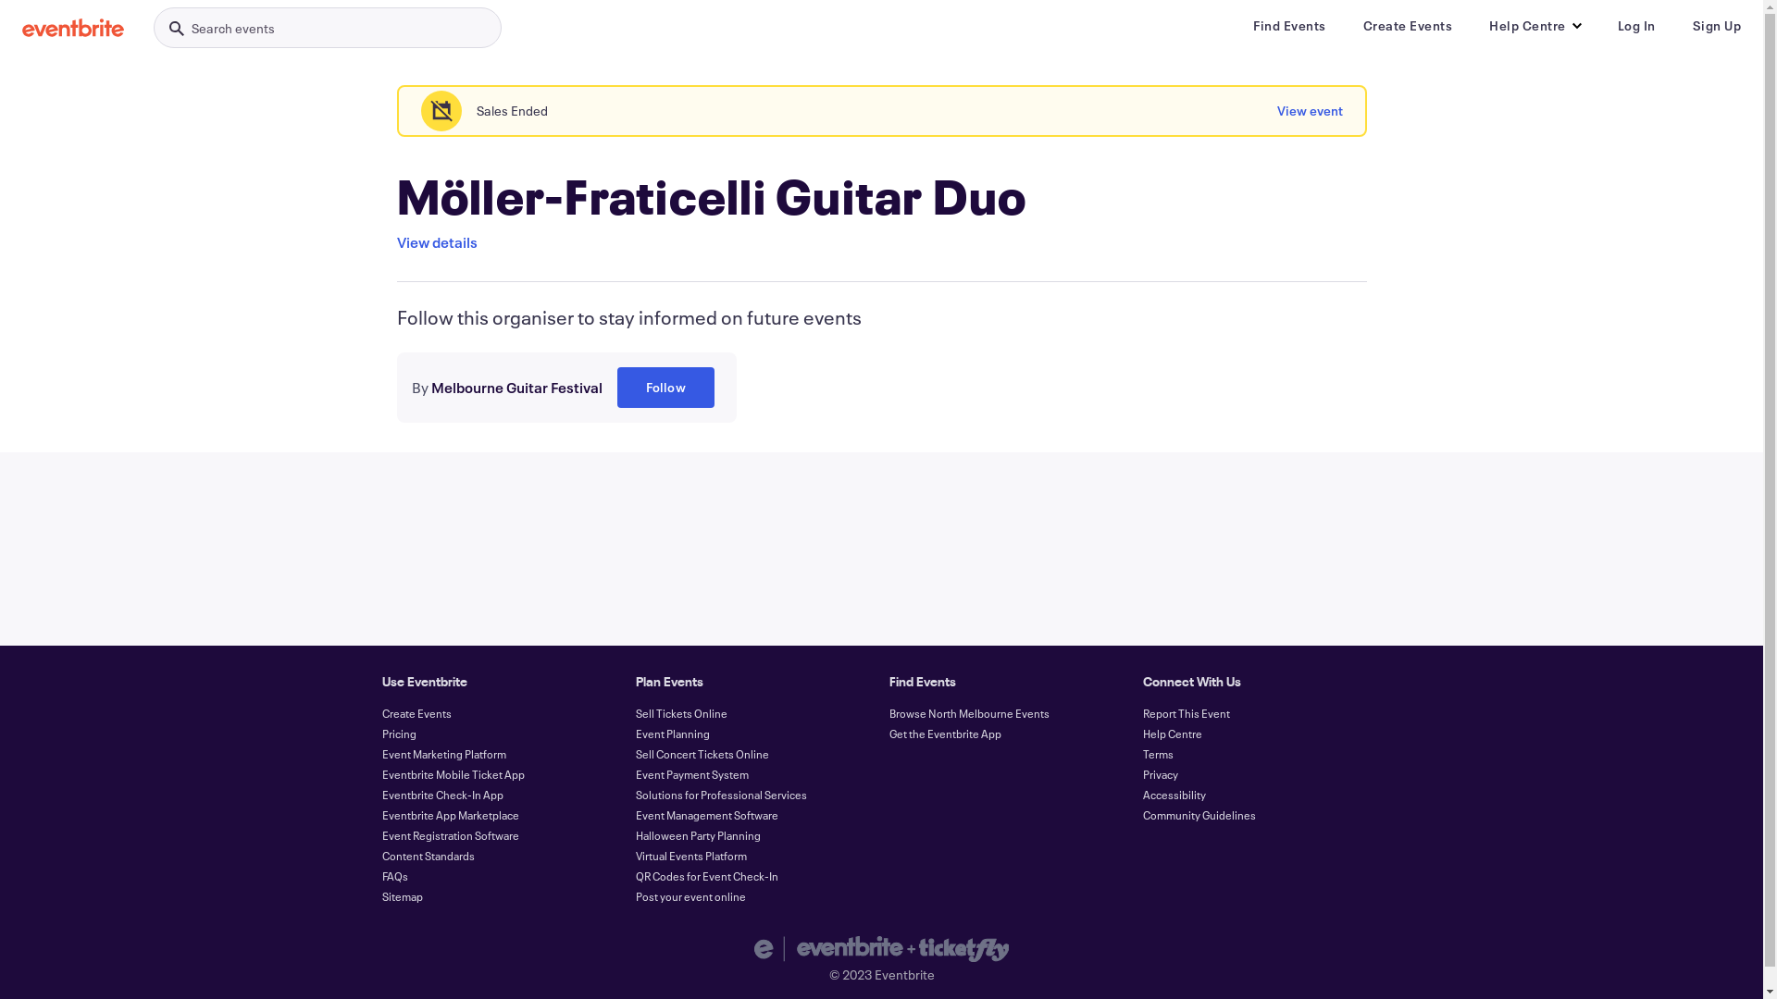  Describe the element at coordinates (690, 774) in the screenshot. I see `'Event Payment System'` at that location.